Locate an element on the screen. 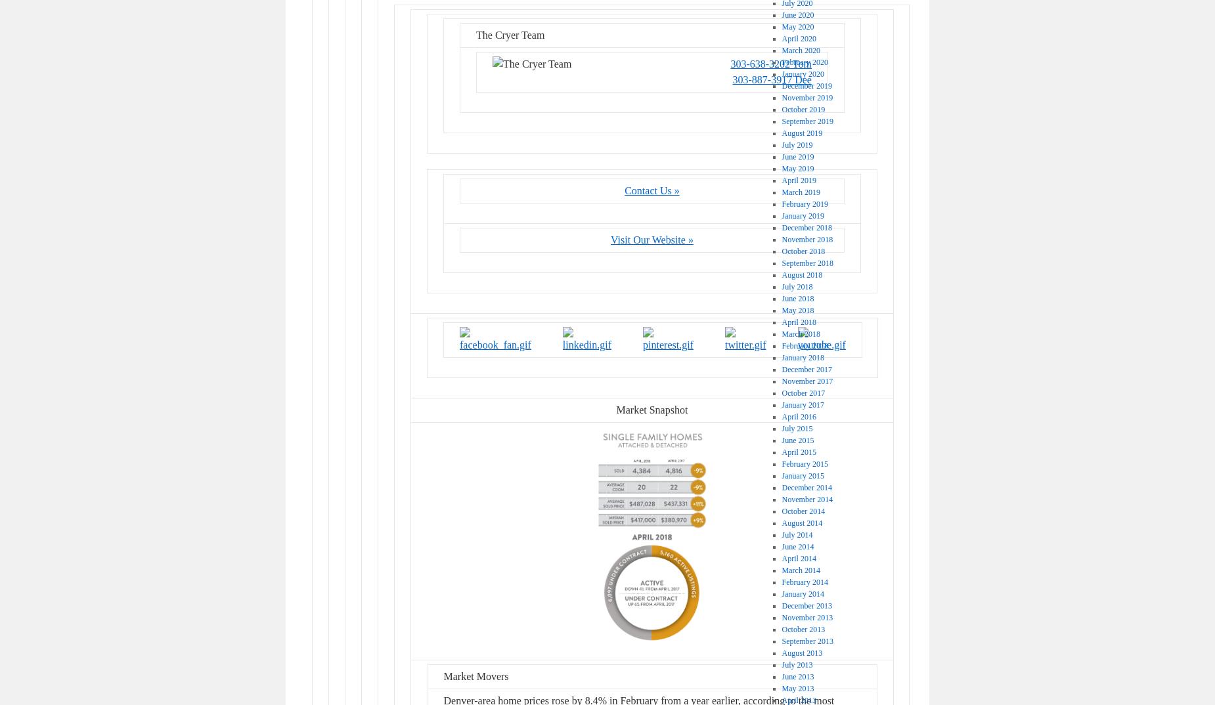 The image size is (1215, 705). 'June 2018' is located at coordinates (797, 297).